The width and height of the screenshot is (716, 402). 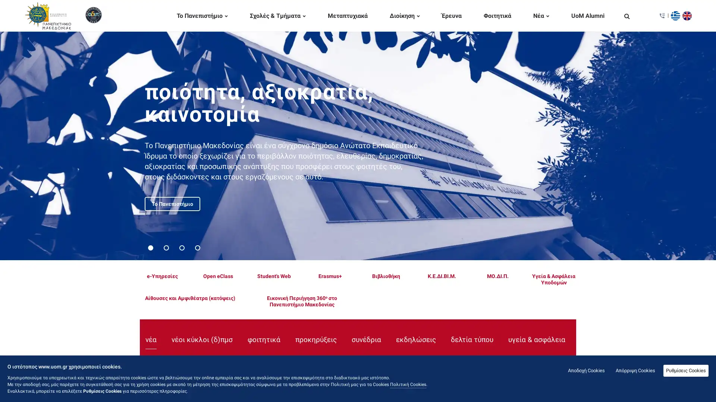 What do you see at coordinates (686, 370) in the screenshot?
I see `Cookies` at bounding box center [686, 370].